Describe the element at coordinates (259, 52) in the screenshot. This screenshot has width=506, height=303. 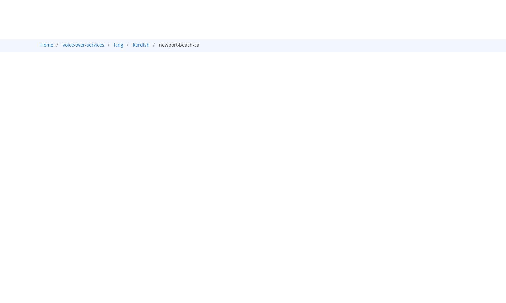
I see `'Gujarati'` at that location.